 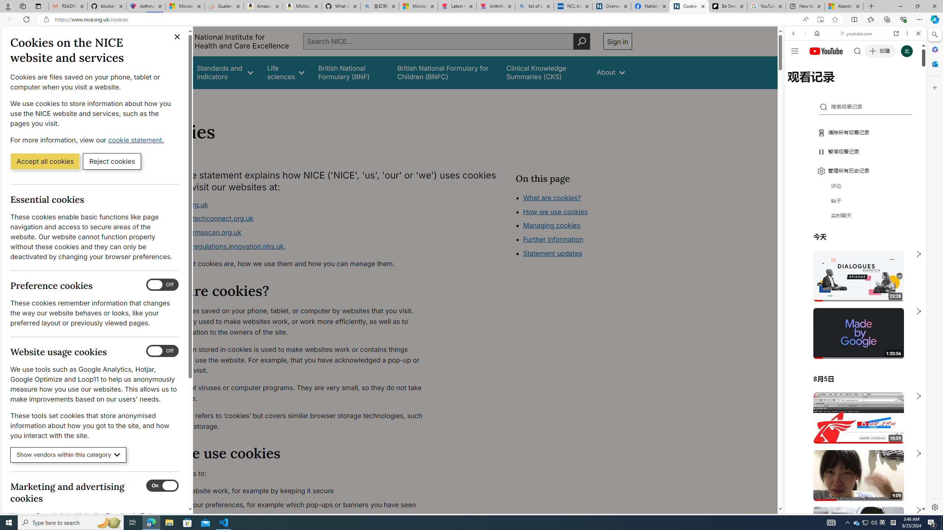 What do you see at coordinates (534, 6) in the screenshot?
I see `'list of asthma inhalers uk - Search'` at bounding box center [534, 6].